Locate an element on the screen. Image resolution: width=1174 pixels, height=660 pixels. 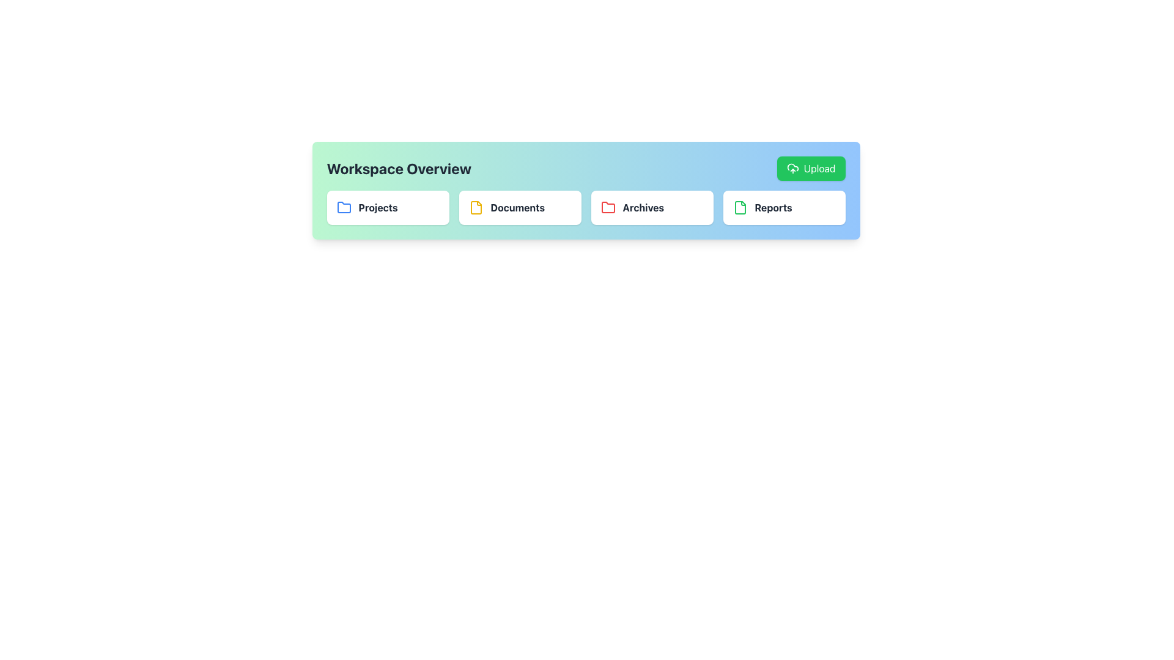
document icon representing the 'Reports' category, which is located between the 'Archives' category and the 'Upload' button in the workspace overview is located at coordinates (739, 207).